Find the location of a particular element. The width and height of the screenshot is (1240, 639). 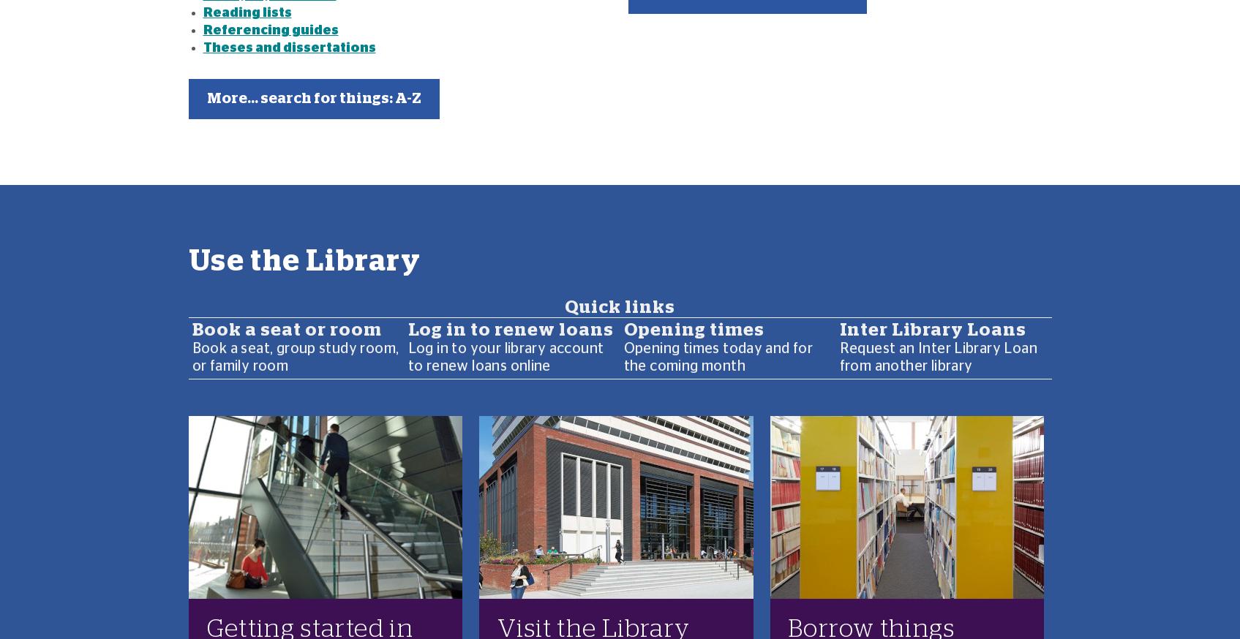

'SharePoint' is located at coordinates (331, 447).